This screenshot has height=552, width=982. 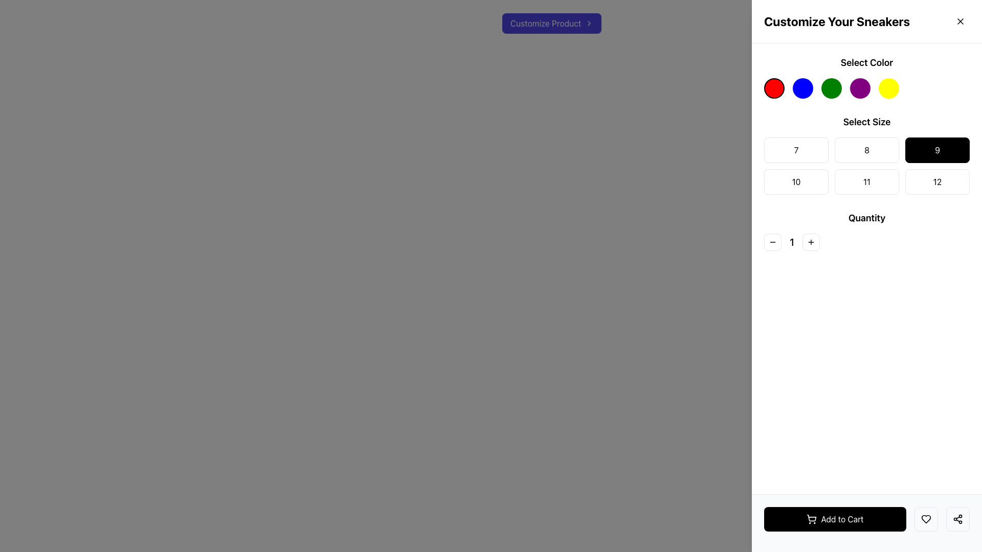 What do you see at coordinates (866, 88) in the screenshot?
I see `the fourth circular purple button under the 'Select Color' heading` at bounding box center [866, 88].